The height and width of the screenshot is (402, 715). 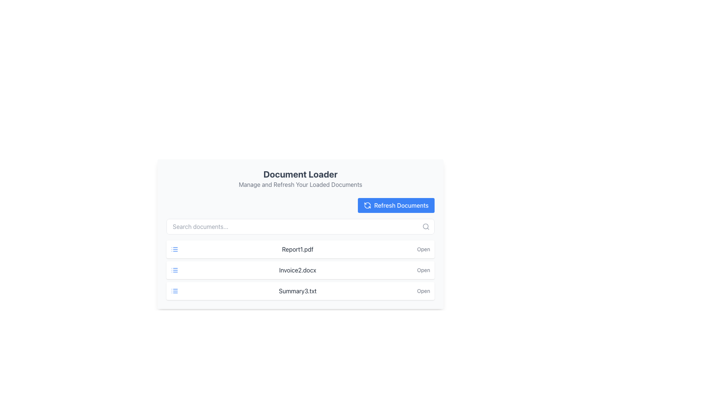 What do you see at coordinates (423, 249) in the screenshot?
I see `the button located on the rightmost side of the row corresponding to 'Report1.pdf'` at bounding box center [423, 249].